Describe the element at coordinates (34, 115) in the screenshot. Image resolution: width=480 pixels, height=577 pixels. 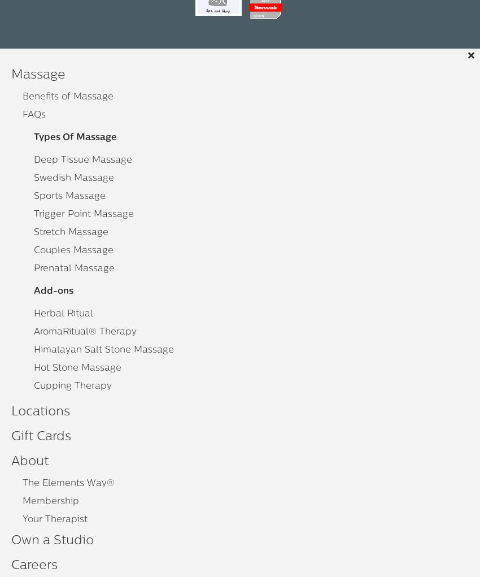
I see `'FAQs'` at that location.